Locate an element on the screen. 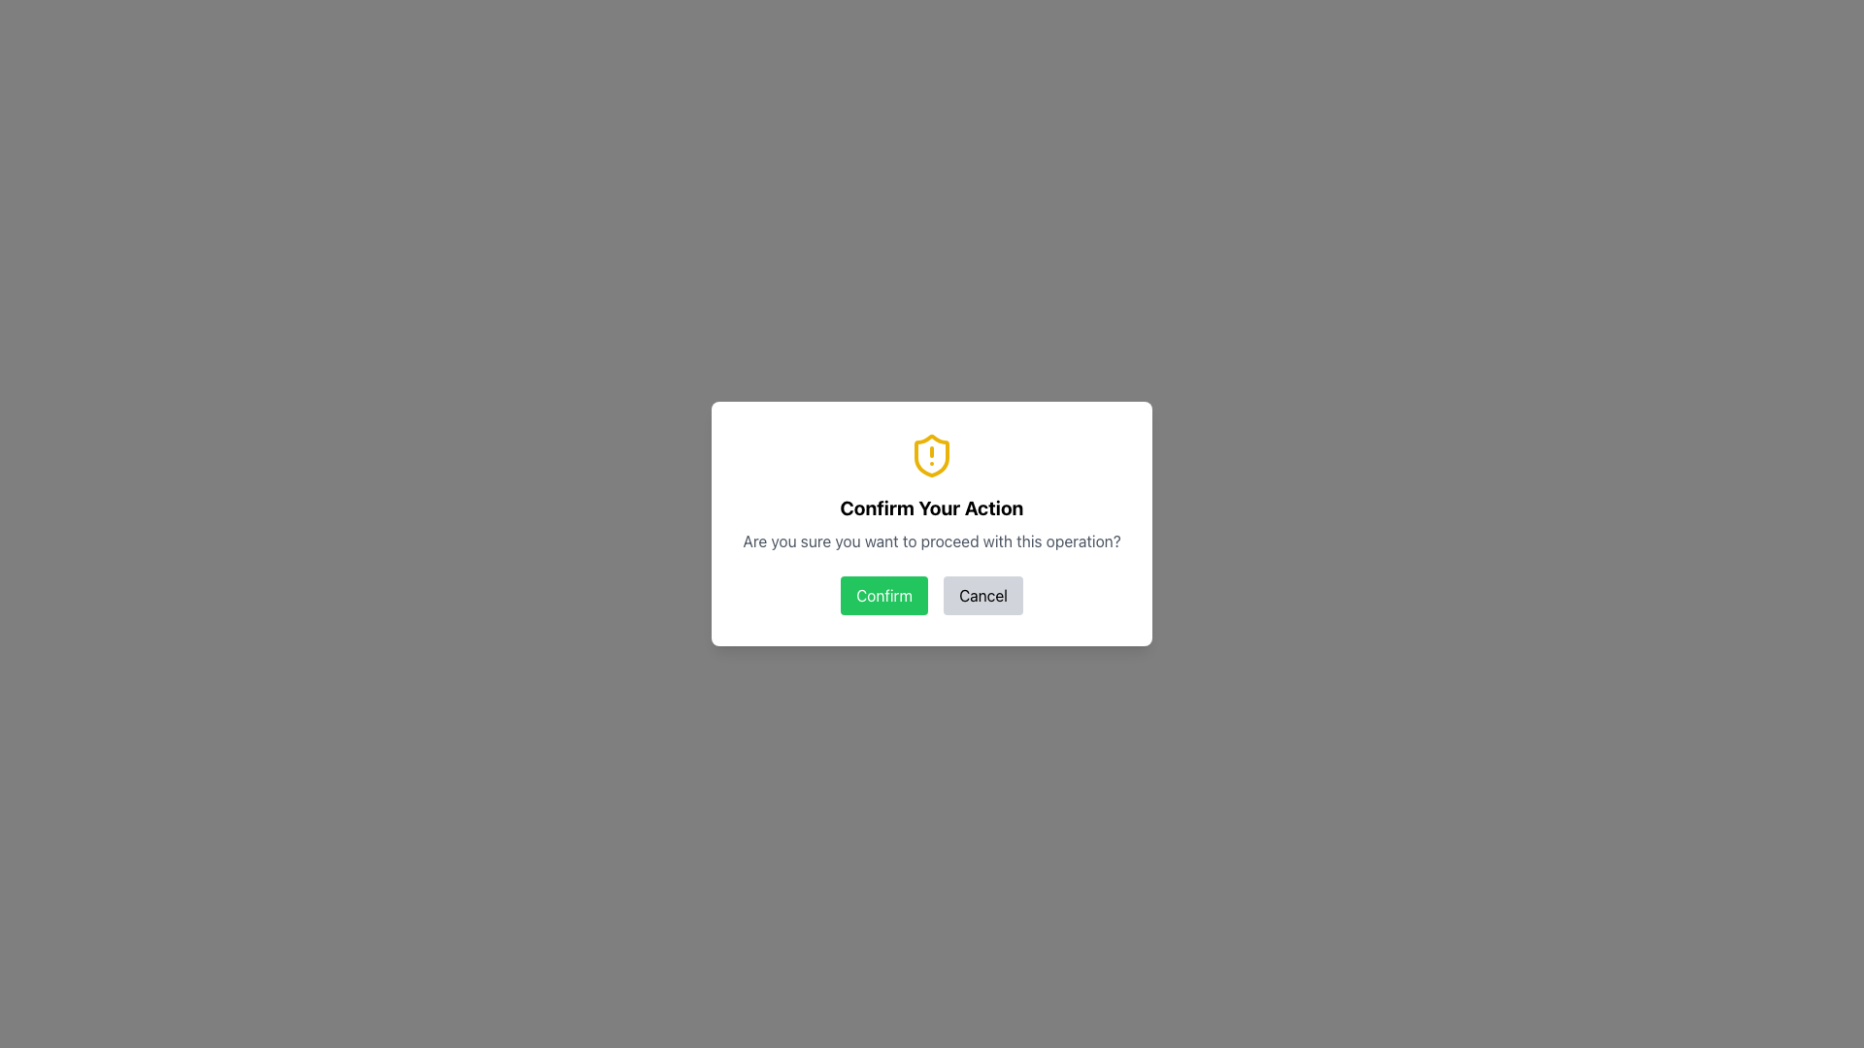 The width and height of the screenshot is (1864, 1048). the bold, large-sized text label that reads 'Confirm Your Action', which is centrally located in a modal dialog box directly below the yellow shield icon with an exclamation mark is located at coordinates (932, 508).